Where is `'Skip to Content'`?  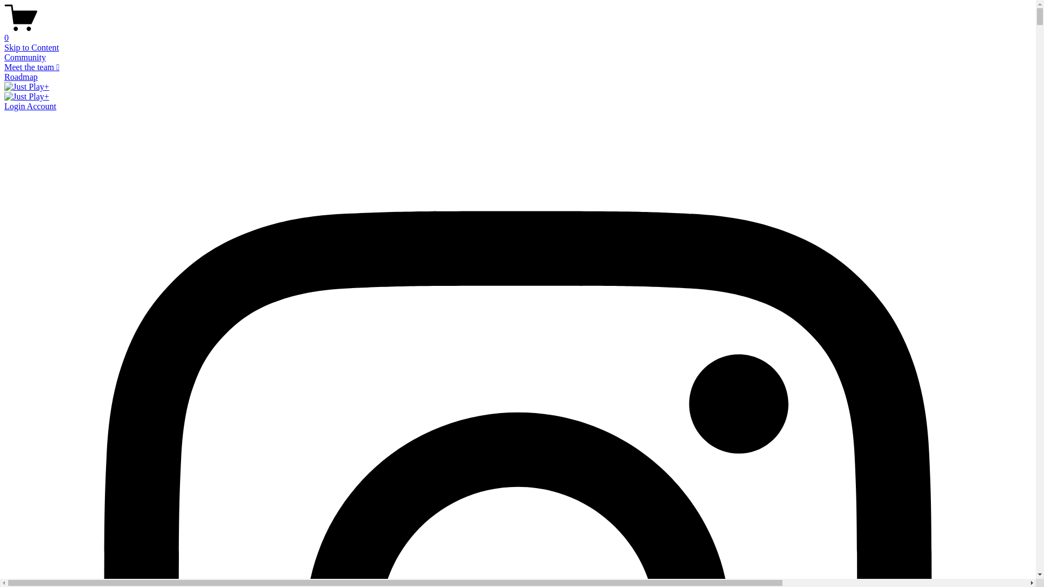 'Skip to Content' is located at coordinates (31, 47).